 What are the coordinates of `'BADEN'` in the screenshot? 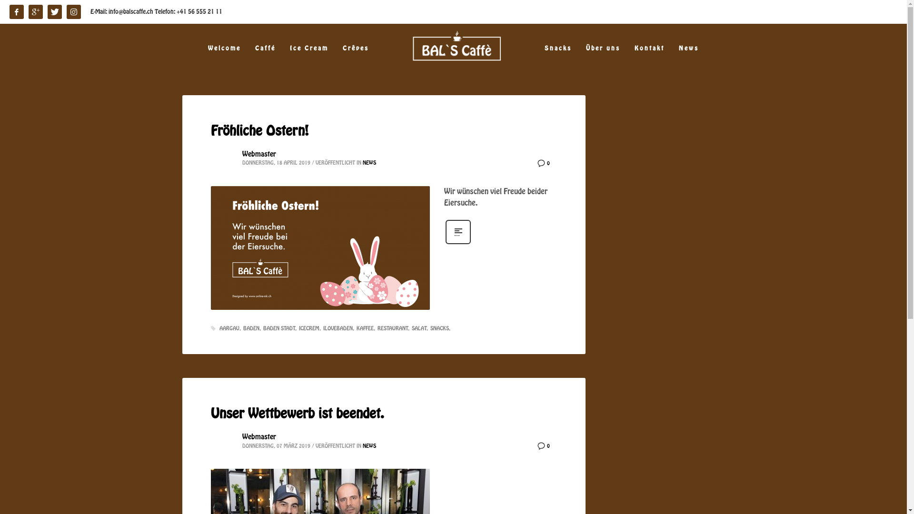 It's located at (251, 328).